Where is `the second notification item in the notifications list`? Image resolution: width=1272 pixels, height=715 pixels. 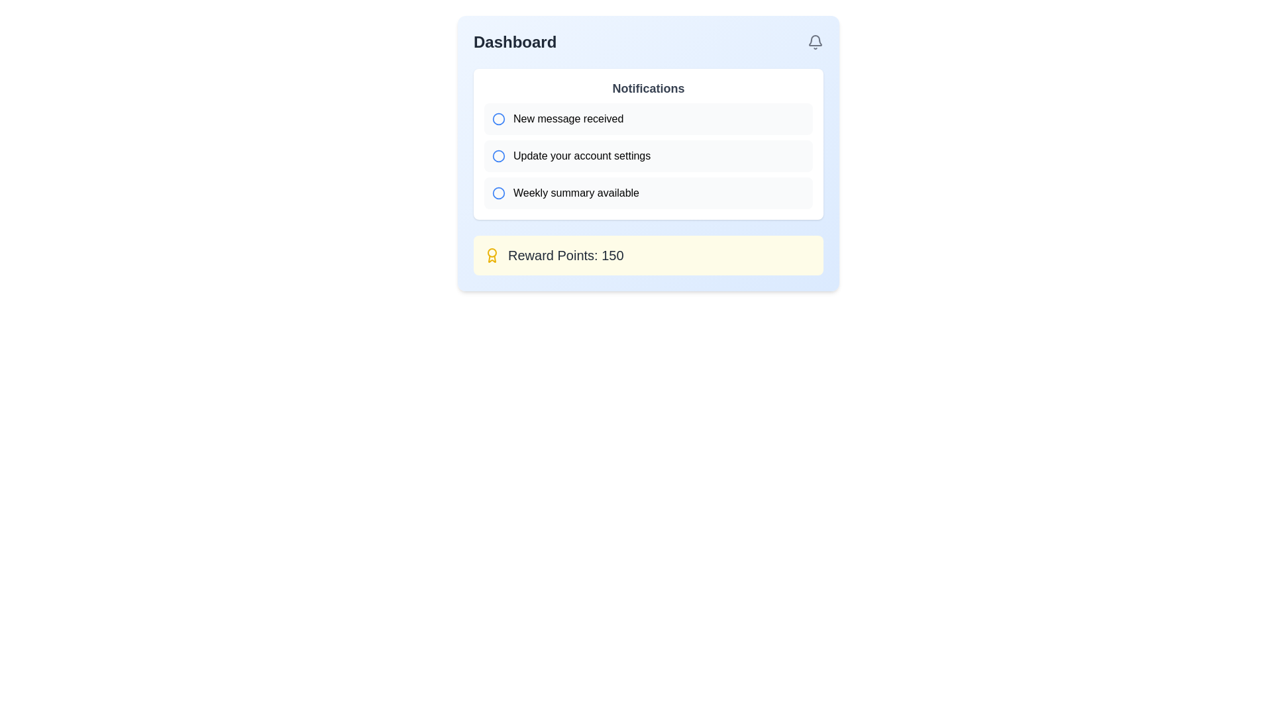 the second notification item in the notifications list is located at coordinates (649, 155).